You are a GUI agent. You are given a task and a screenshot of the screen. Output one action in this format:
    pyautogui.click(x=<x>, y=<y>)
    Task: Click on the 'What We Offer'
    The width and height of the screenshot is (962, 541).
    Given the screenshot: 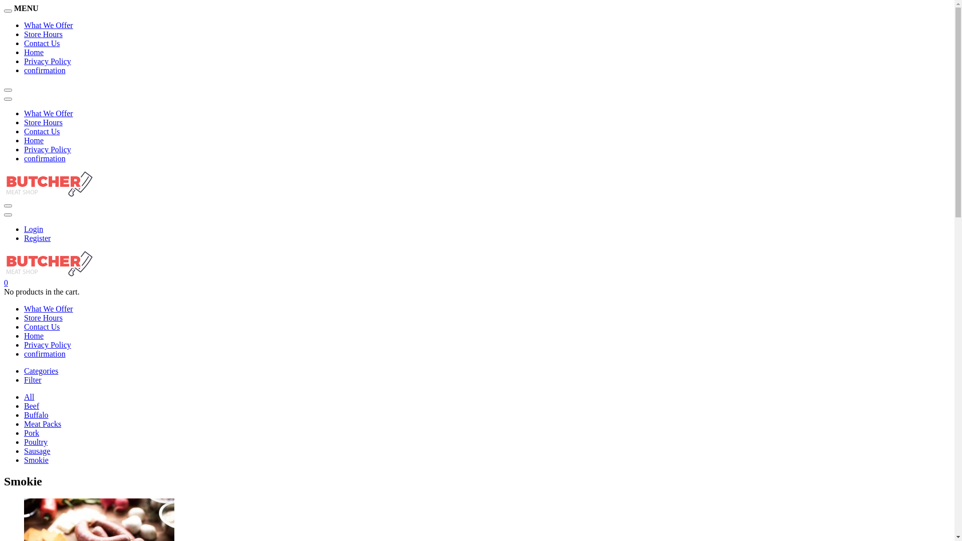 What is the action you would take?
    pyautogui.click(x=48, y=308)
    